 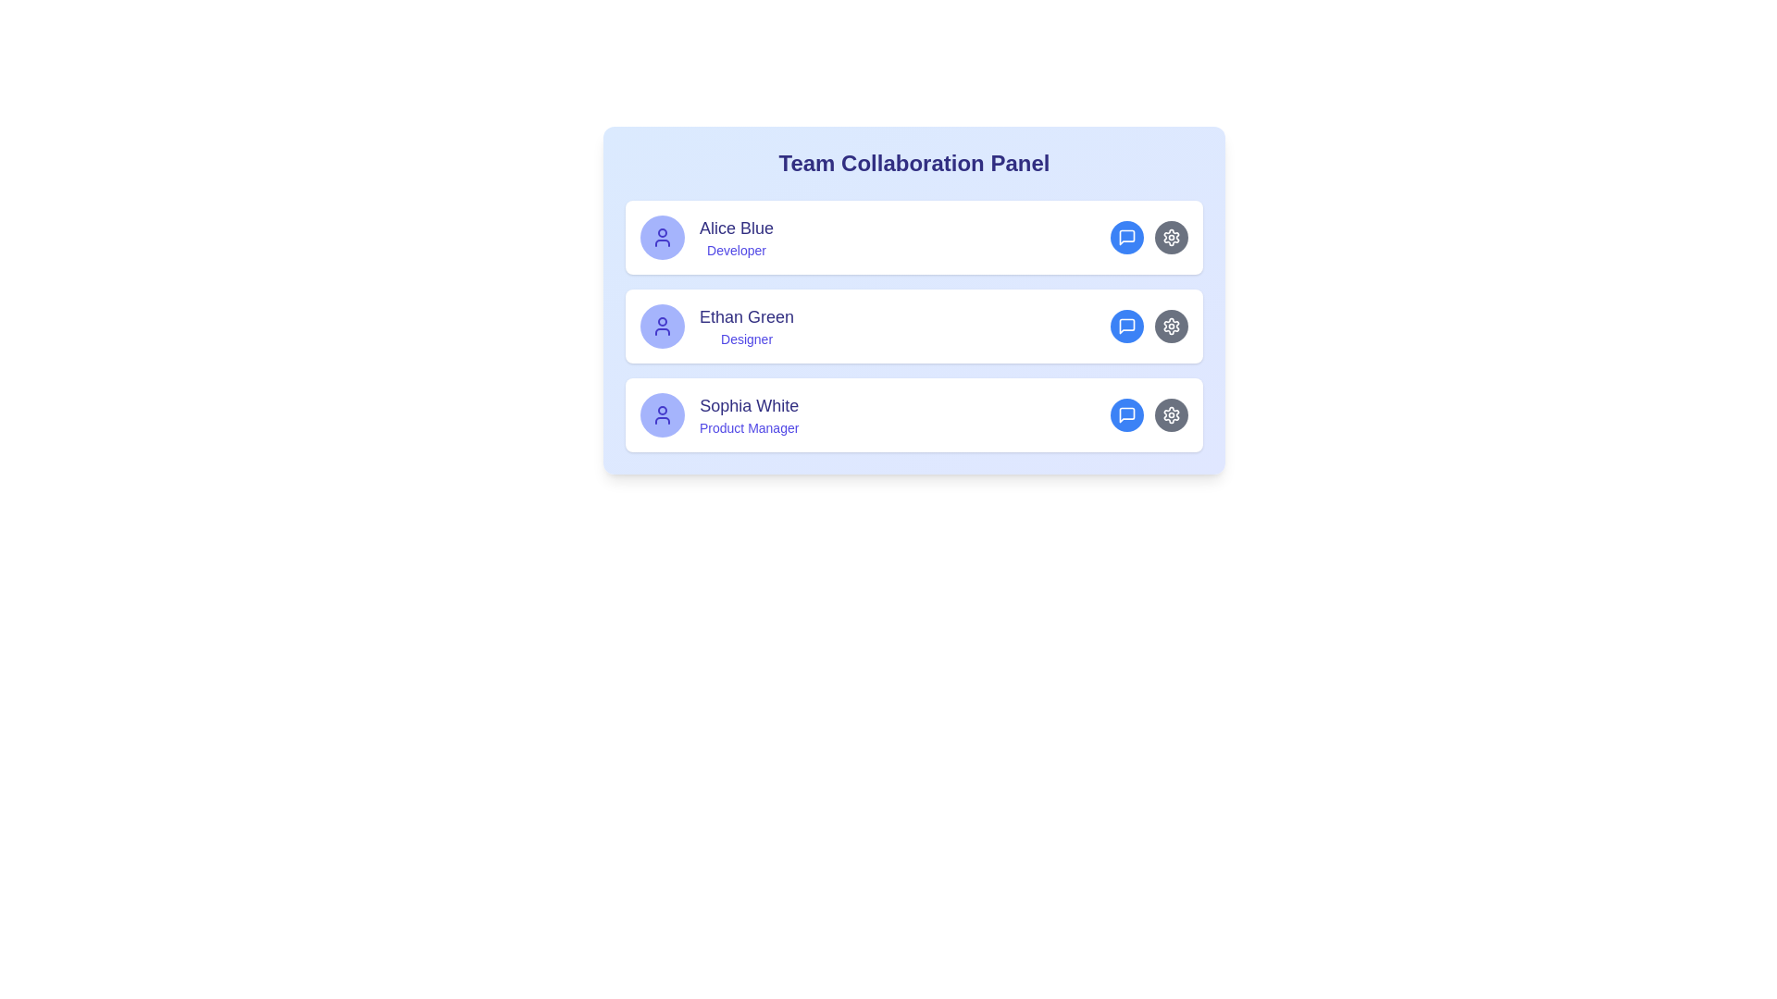 What do you see at coordinates (1171, 326) in the screenshot?
I see `the gray cogwheel icon in the second row of the team member list` at bounding box center [1171, 326].